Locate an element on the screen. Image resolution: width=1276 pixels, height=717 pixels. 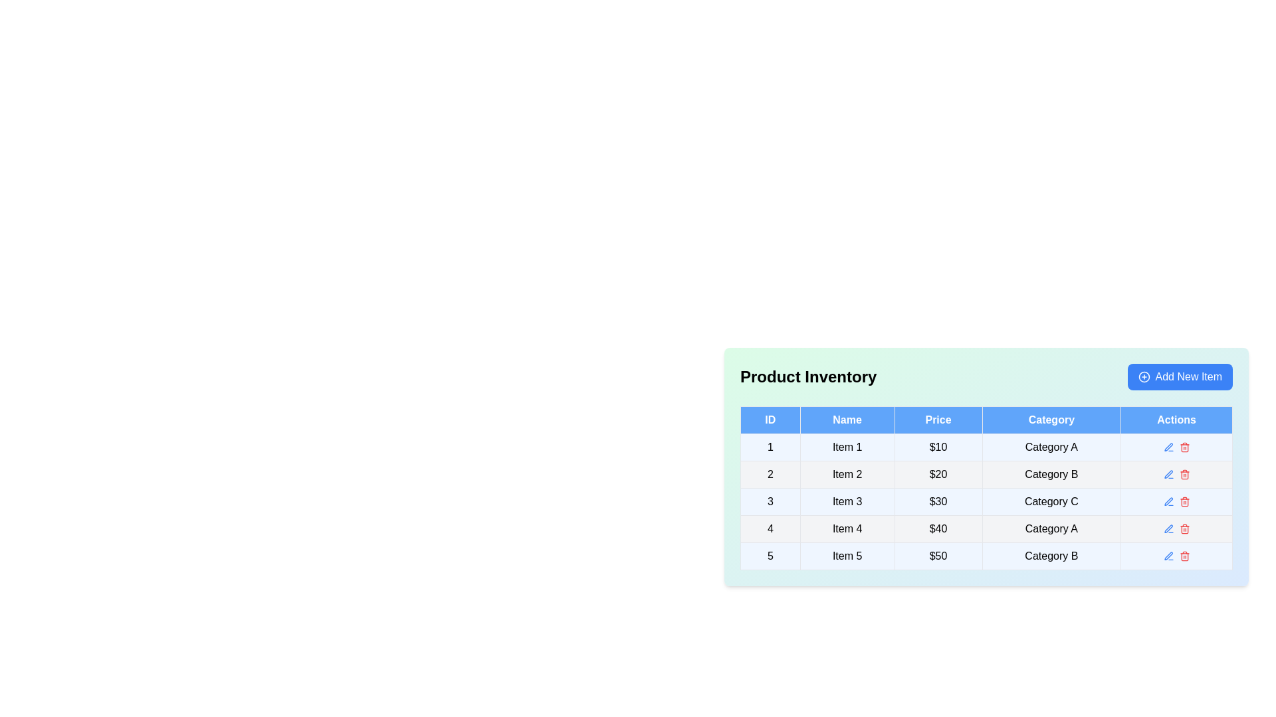
the table cell under the 'Actions' column for 'Item 4' in the inventory table, which contains action controls for the item is located at coordinates (1176, 528).